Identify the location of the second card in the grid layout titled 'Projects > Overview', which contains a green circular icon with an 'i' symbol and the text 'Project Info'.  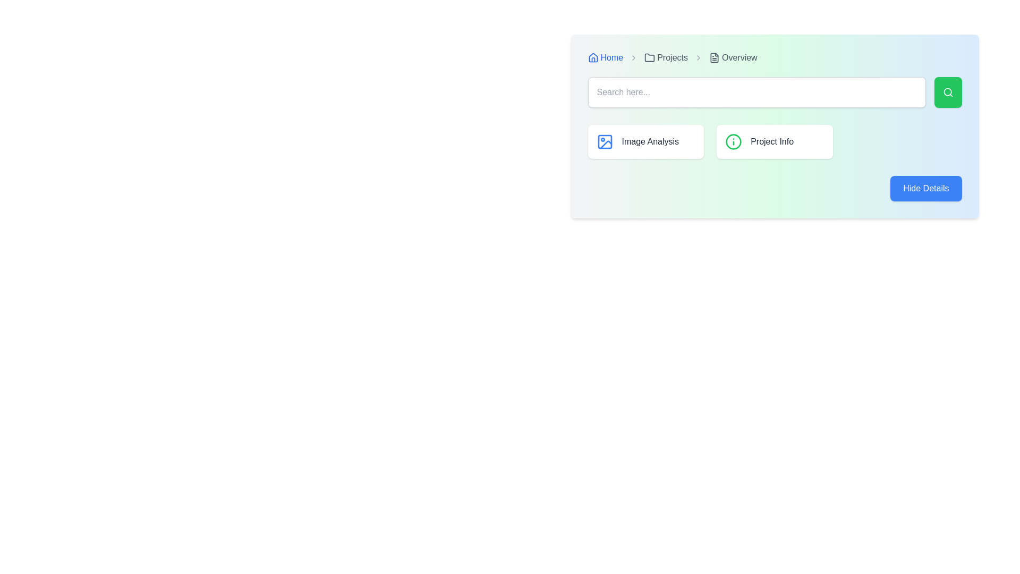
(775, 141).